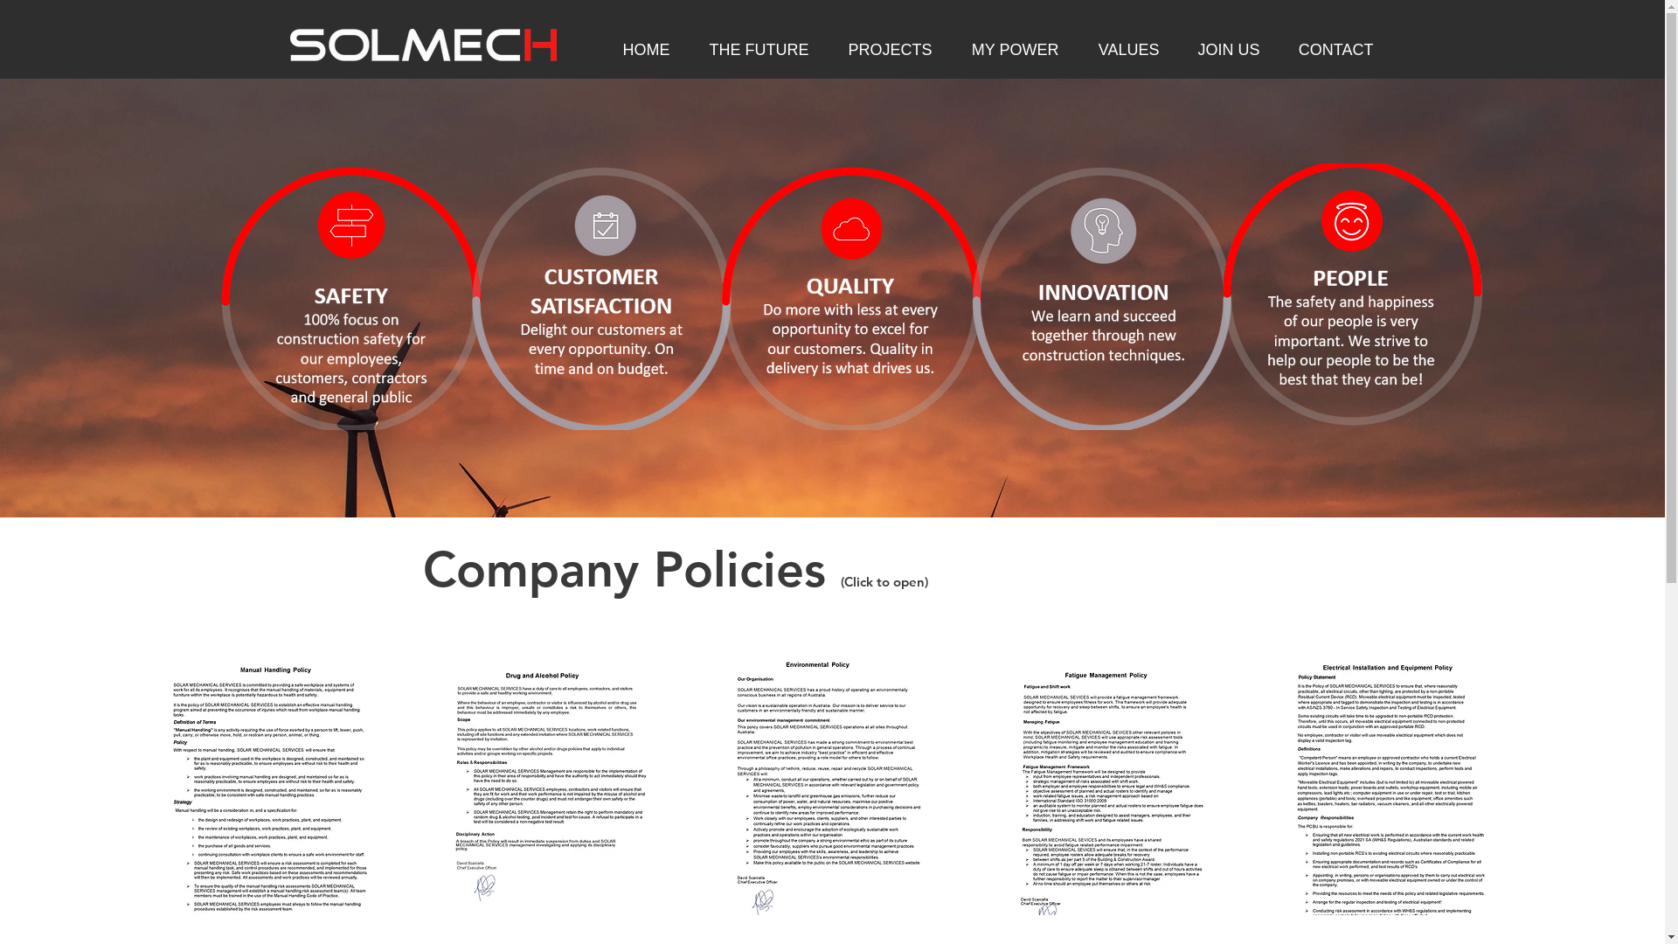 Image resolution: width=1678 pixels, height=944 pixels. Describe the element at coordinates (1009, 49) in the screenshot. I see `'MY POWER'` at that location.